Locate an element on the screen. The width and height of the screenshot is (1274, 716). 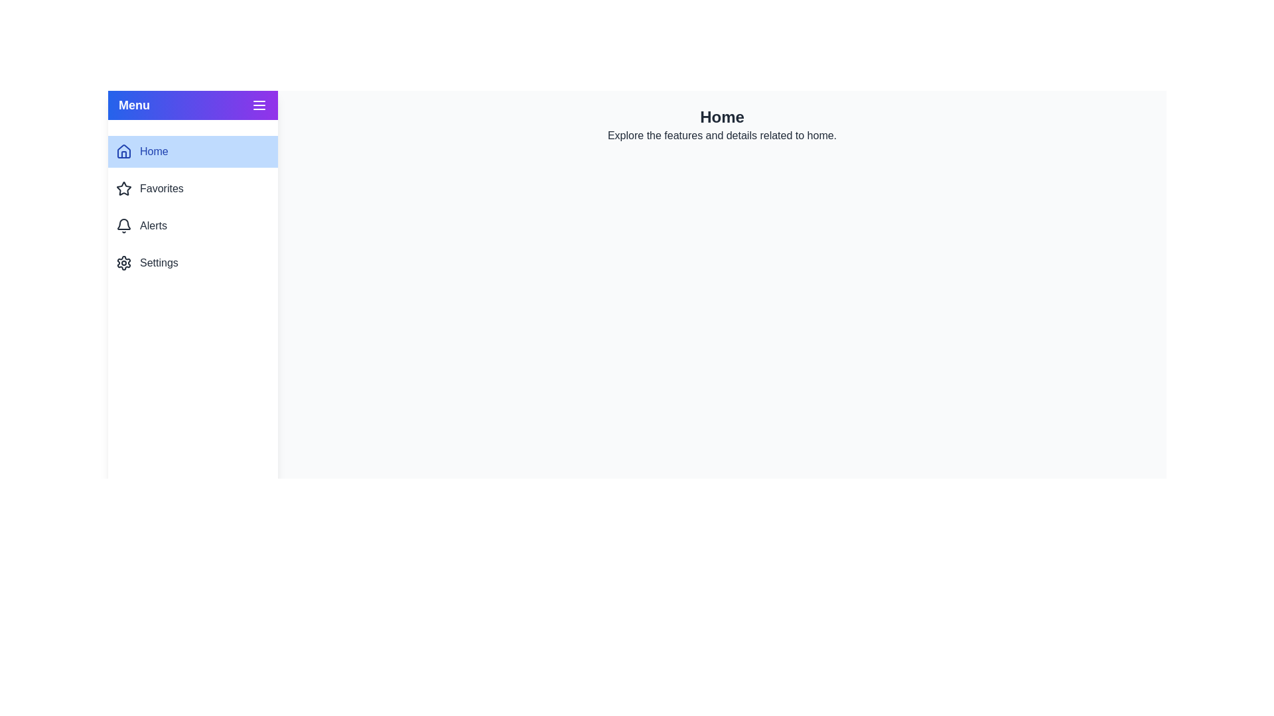
the static text label 'Menu' located in the top left header area of the application, which has a gradient purple to blue background is located at coordinates (134, 104).